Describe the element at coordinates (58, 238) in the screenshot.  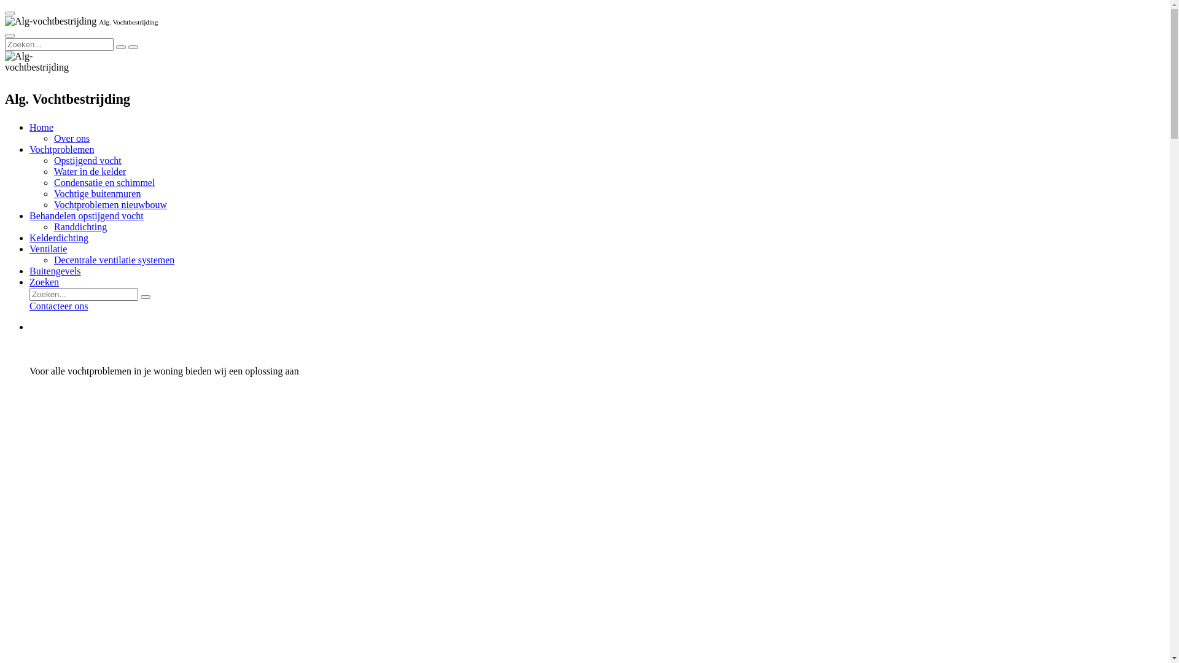
I see `'Kelderdichting'` at that location.